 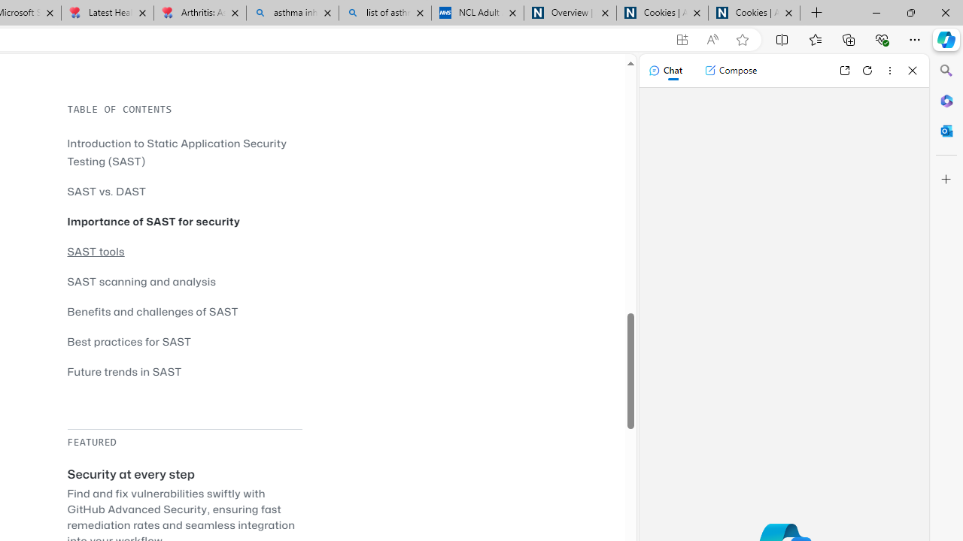 What do you see at coordinates (96, 250) in the screenshot?
I see `'SAST tools'` at bounding box center [96, 250].